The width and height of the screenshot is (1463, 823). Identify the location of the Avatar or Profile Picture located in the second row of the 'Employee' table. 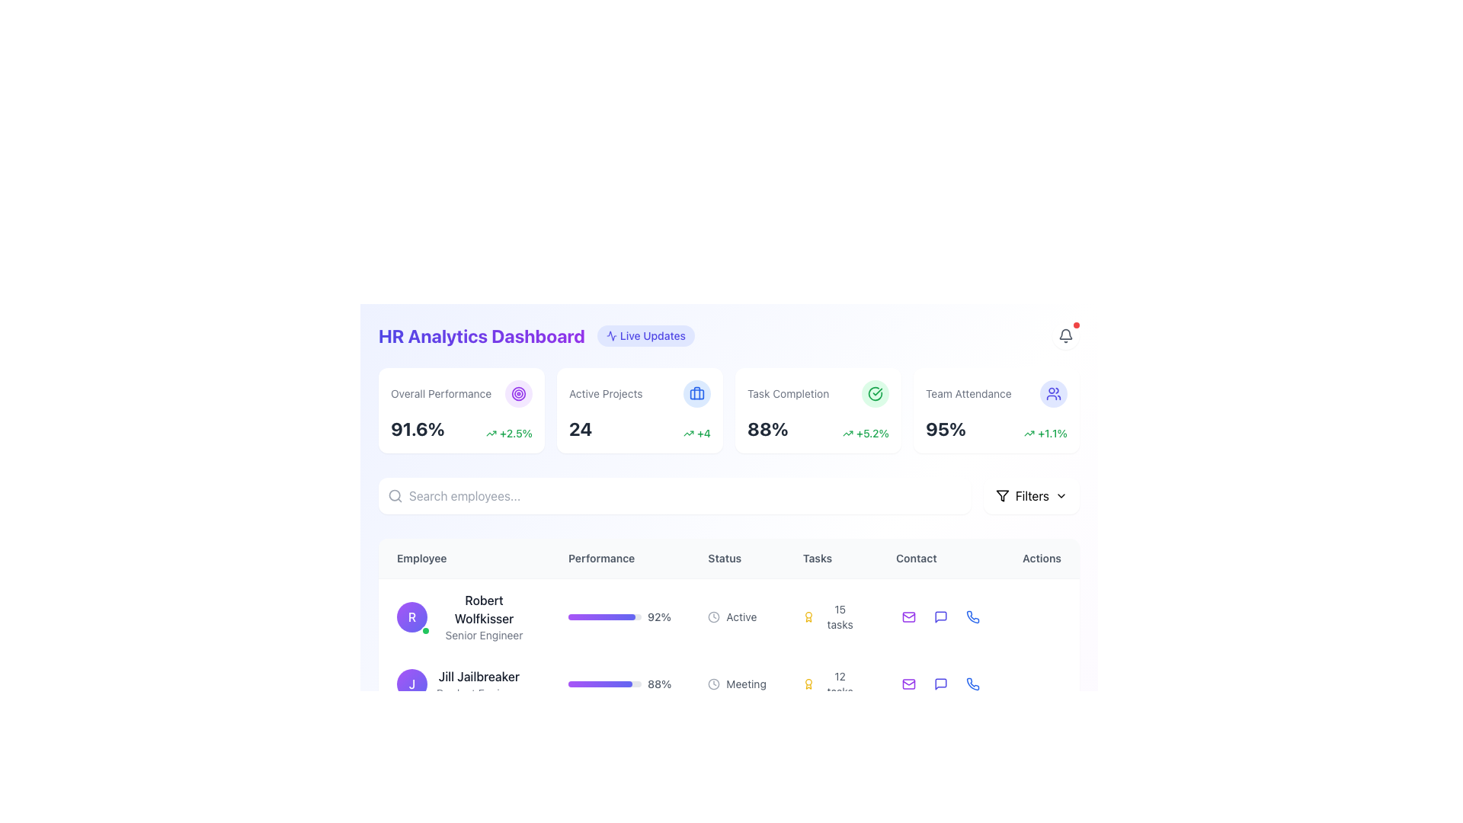
(412, 684).